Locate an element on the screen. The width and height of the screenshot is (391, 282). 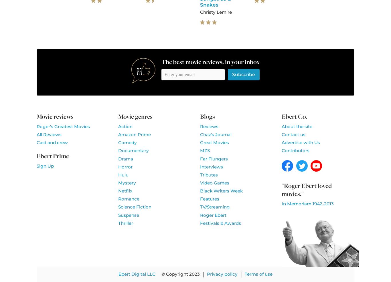
'Contact us' is located at coordinates (293, 134).